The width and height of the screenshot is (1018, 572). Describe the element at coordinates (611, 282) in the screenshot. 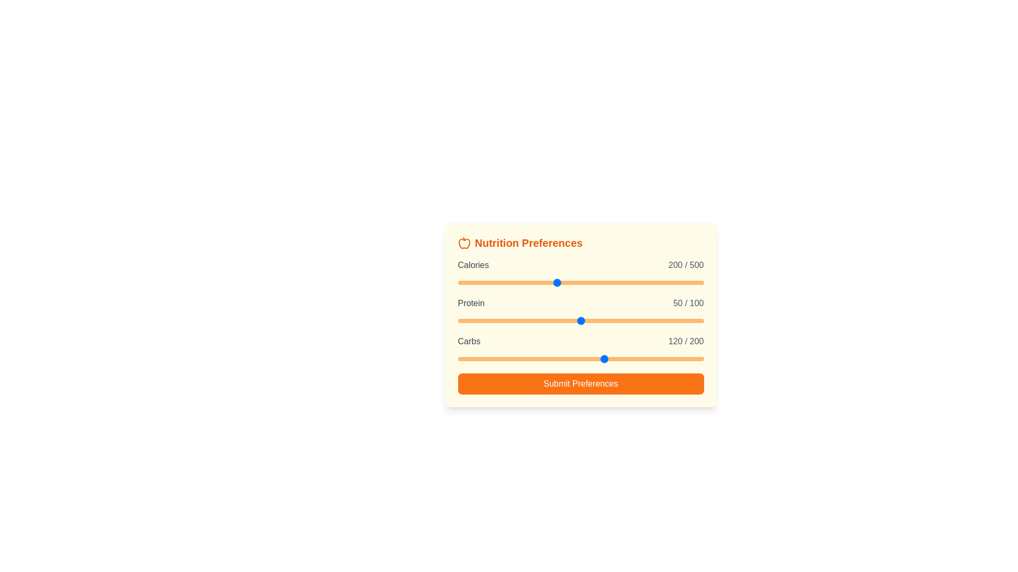

I see `calorie intake` at that location.